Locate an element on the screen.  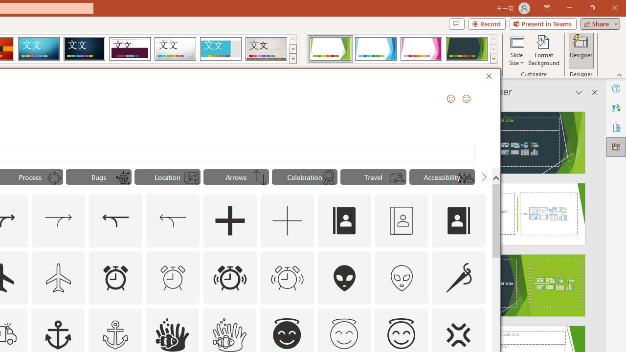
'AutomationID: Icons_AlterationsTailoring' is located at coordinates (458, 278).